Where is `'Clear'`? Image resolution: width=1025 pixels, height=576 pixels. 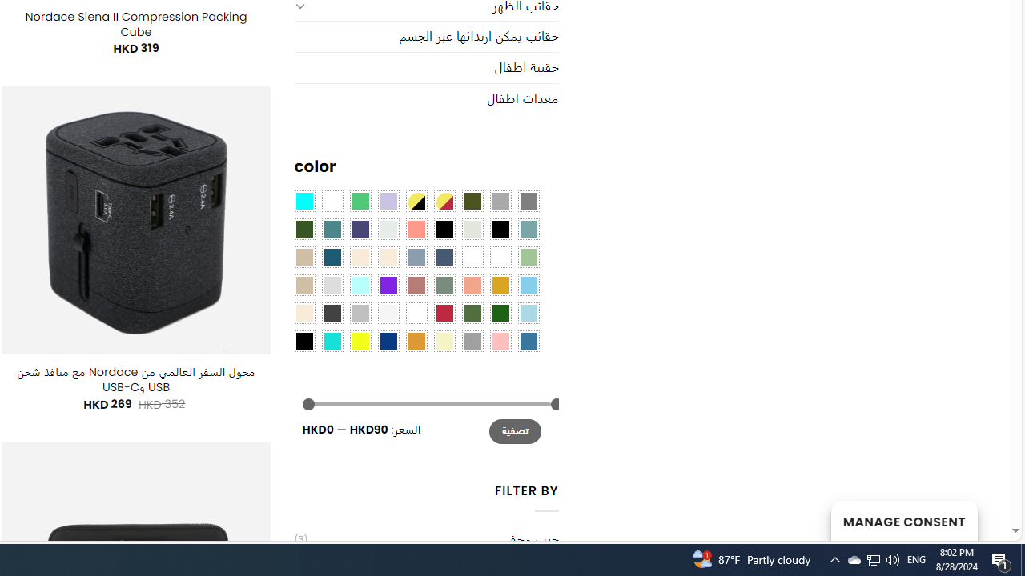
'Clear' is located at coordinates (331, 200).